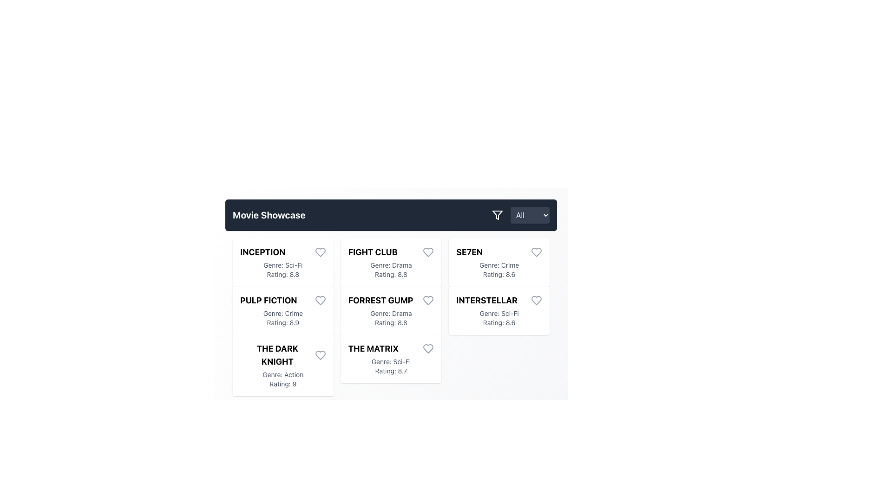  What do you see at coordinates (373, 252) in the screenshot?
I see `the bold, uppercase text label displaying 'FIGHT CLUB', which is the title of the second card in the first row of the 'Movie Showcase' grid section` at bounding box center [373, 252].